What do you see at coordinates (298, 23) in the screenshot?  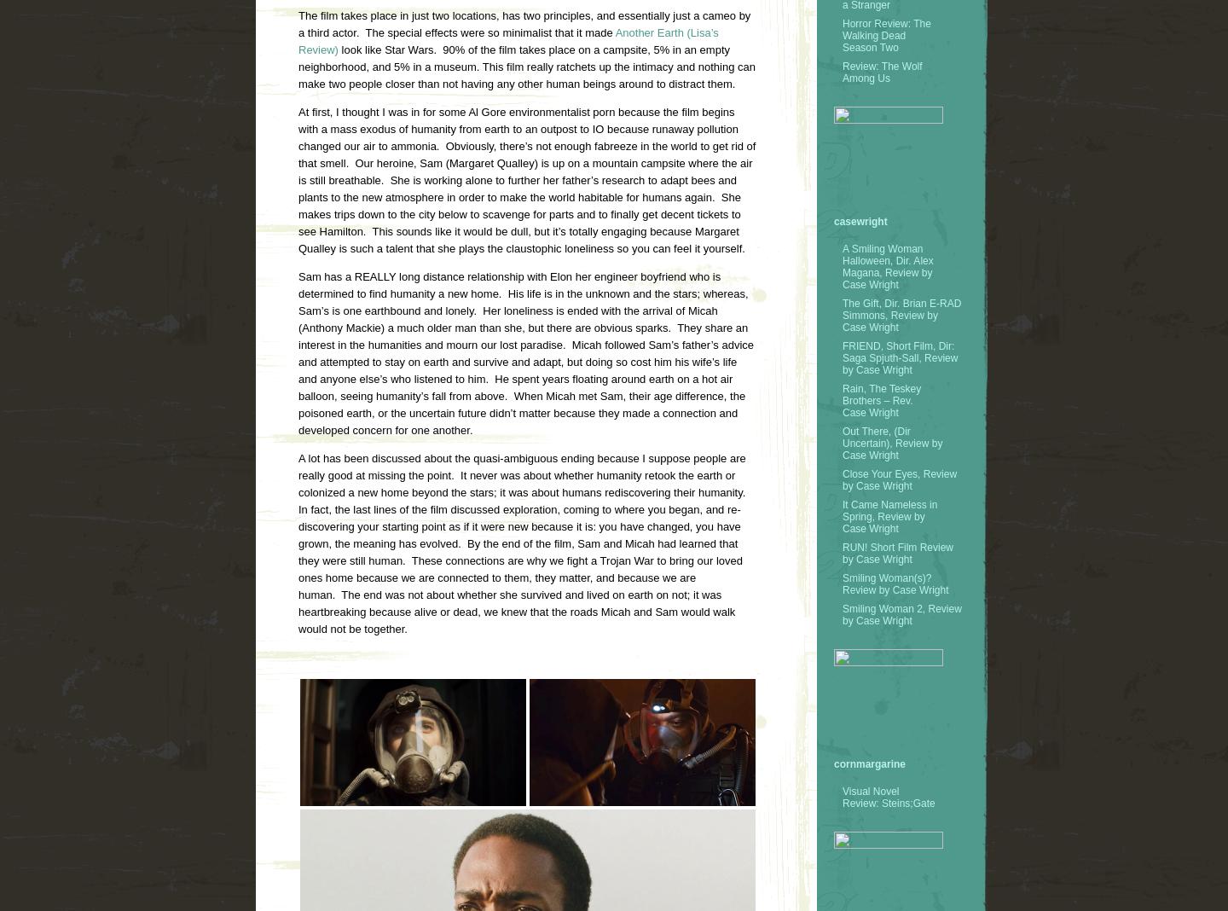 I see `'The film takes place in just two locations, has two principles, and essentially just a cameo by a third actor.  The special effects were so minimalist that it made'` at bounding box center [298, 23].